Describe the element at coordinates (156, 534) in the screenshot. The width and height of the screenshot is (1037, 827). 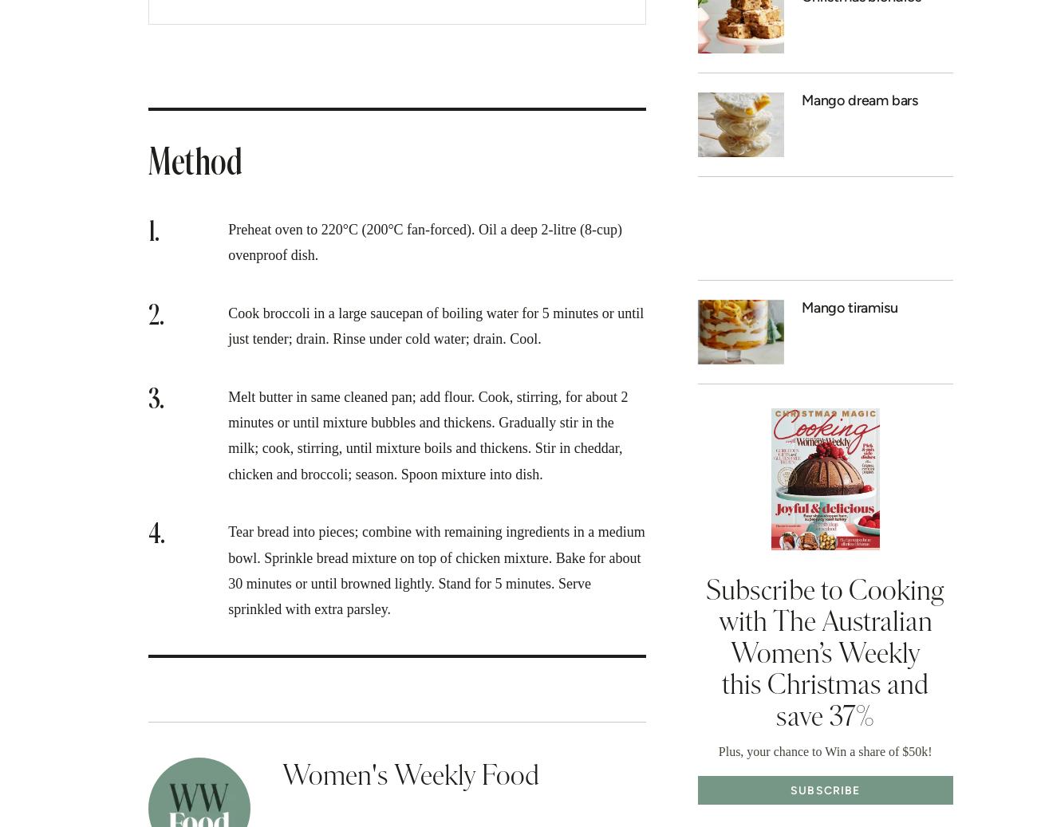
I see `'4.'` at that location.